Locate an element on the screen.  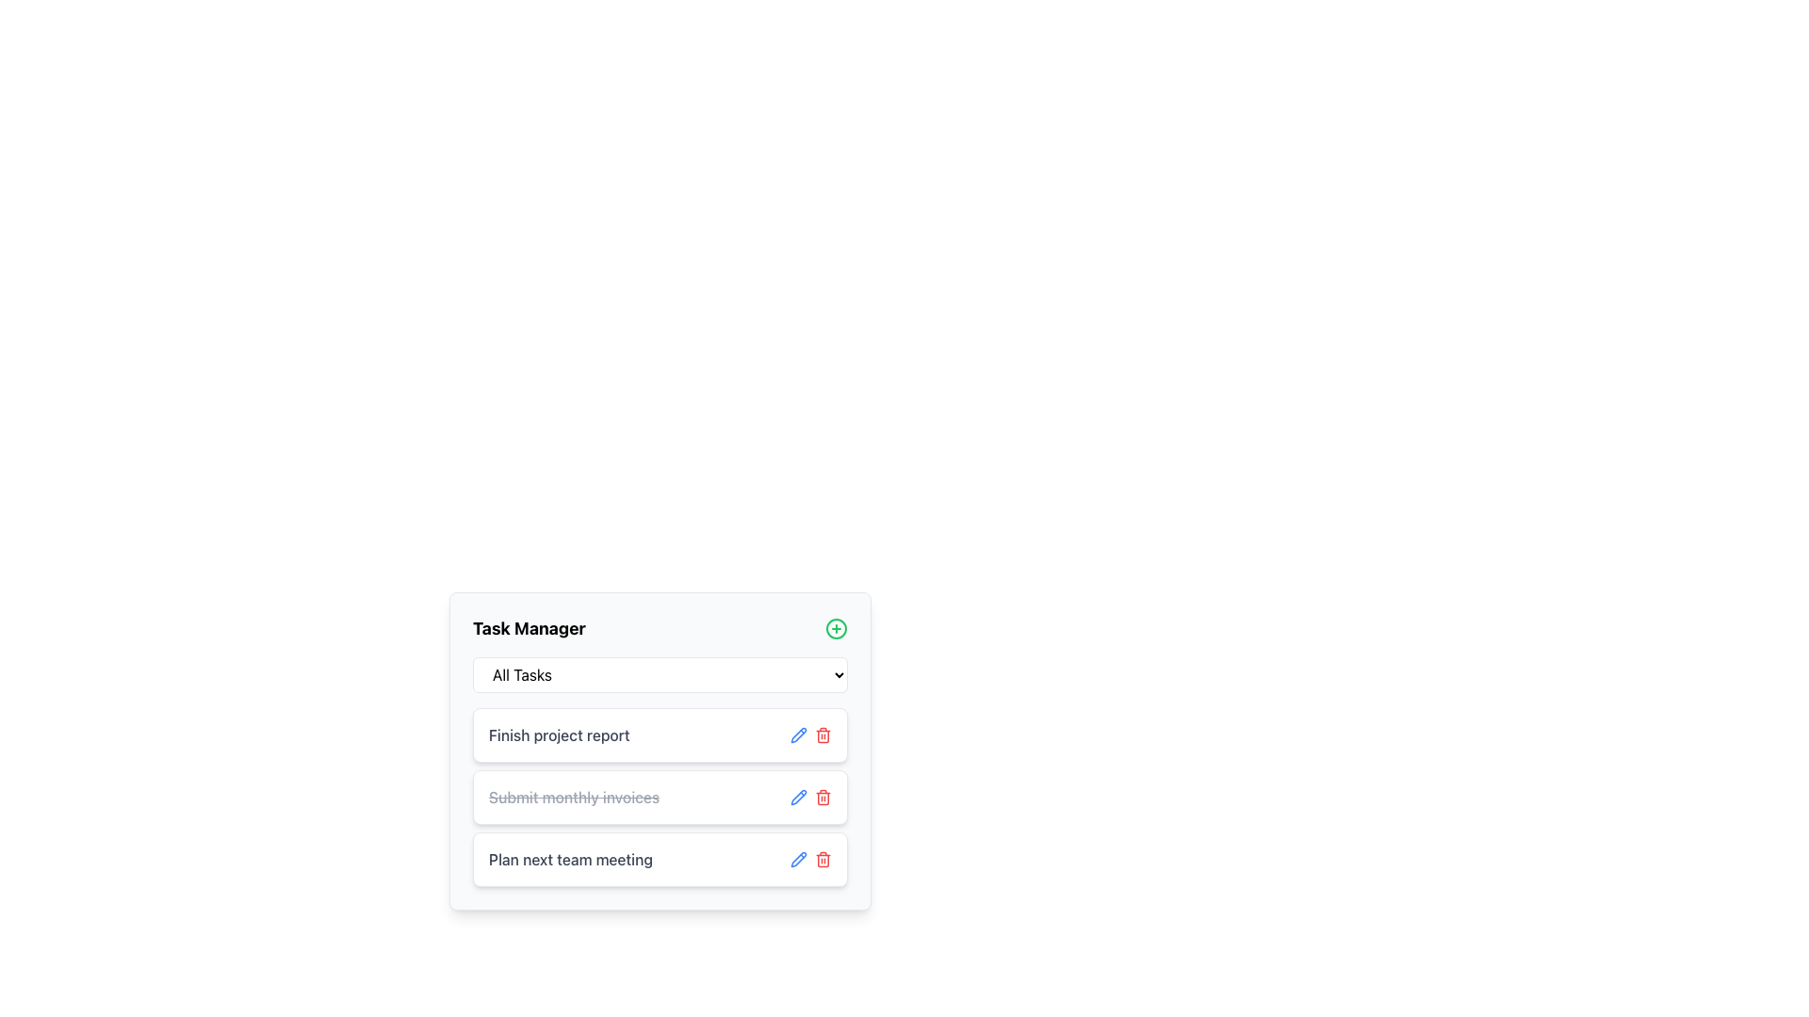
the completed task labeled 'Submit monthly invoices' is located at coordinates (573, 798).